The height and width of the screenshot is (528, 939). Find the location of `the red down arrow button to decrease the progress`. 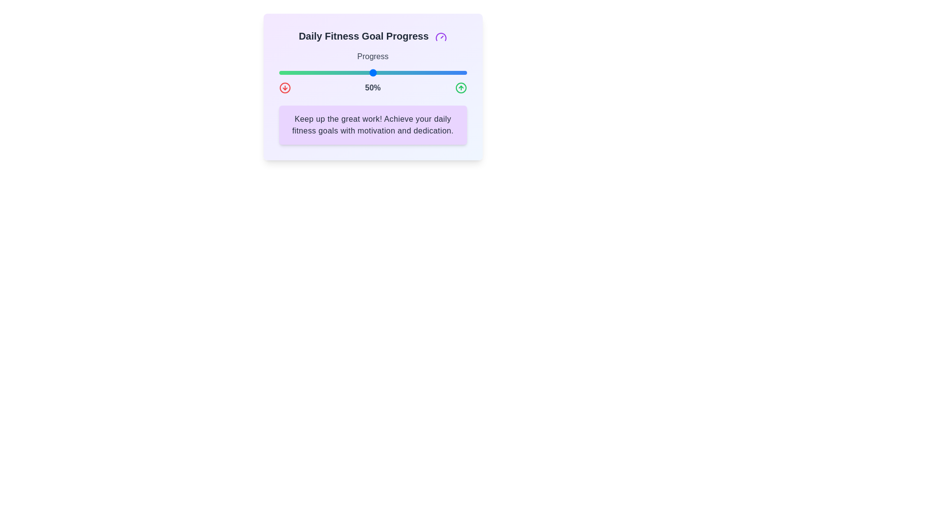

the red down arrow button to decrease the progress is located at coordinates (284, 88).